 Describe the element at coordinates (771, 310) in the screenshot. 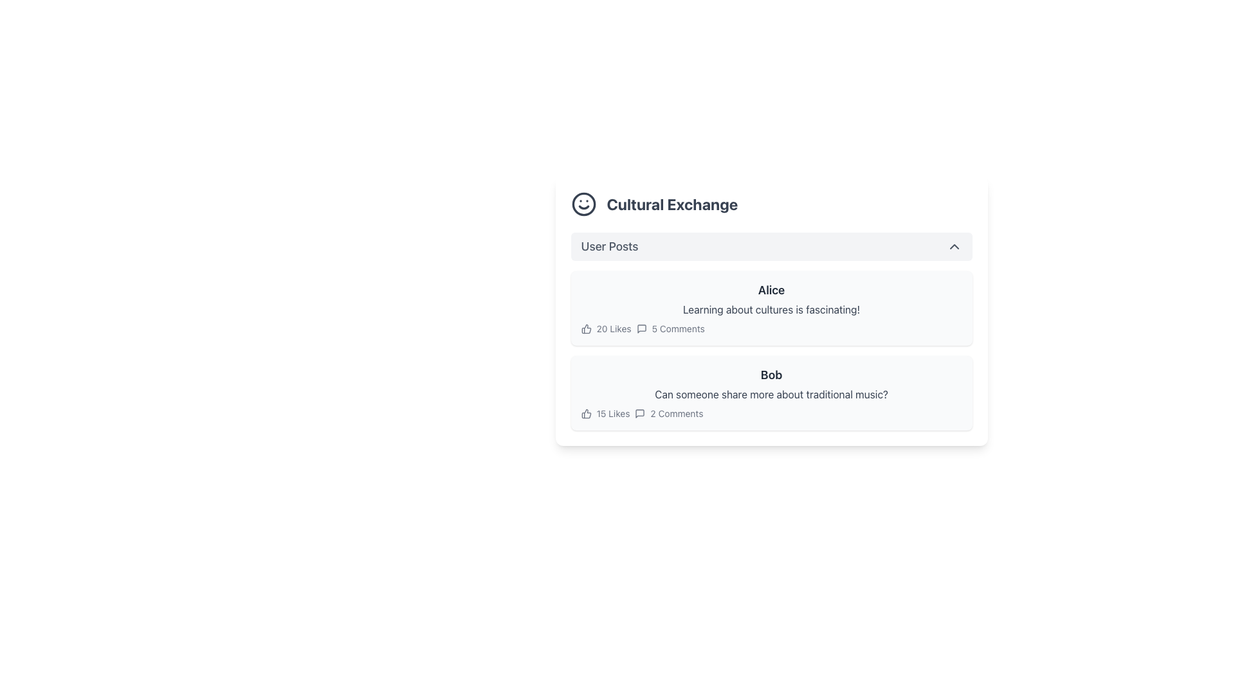

I see `the text block displaying 'Learning about cultures is fascinating!', which is styled in gray and positioned below the user's name 'Alice'` at that location.